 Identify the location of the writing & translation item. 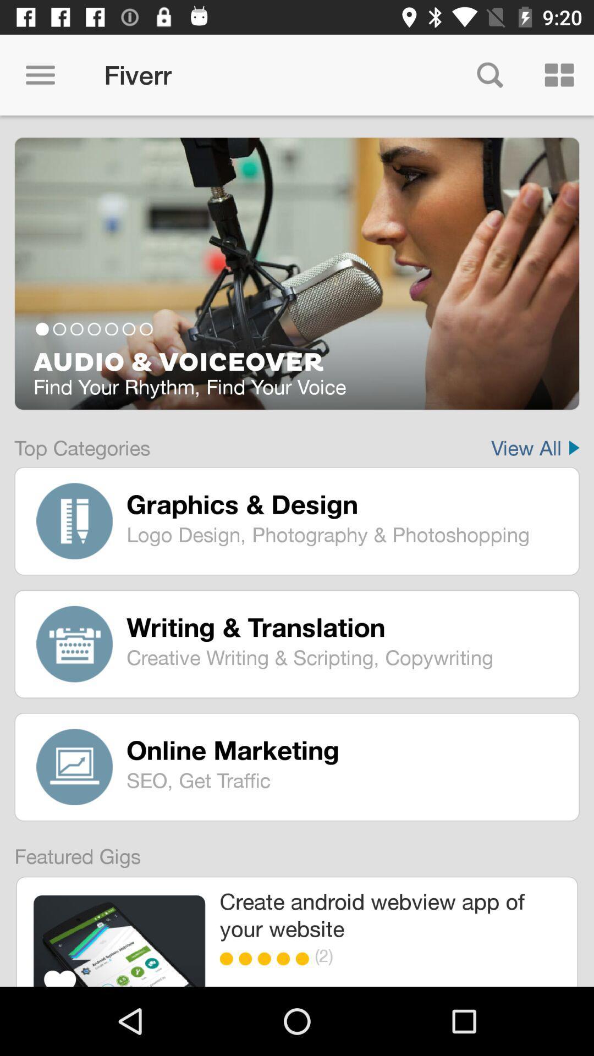
(344, 627).